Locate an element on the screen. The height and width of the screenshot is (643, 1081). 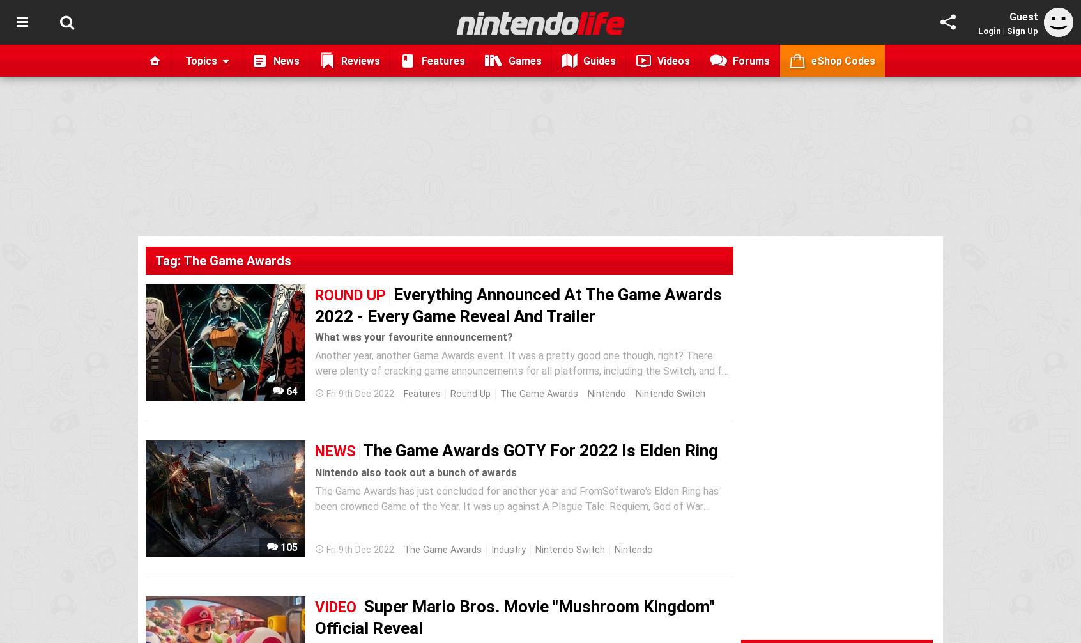
'eShop Codes' is located at coordinates (842, 60).